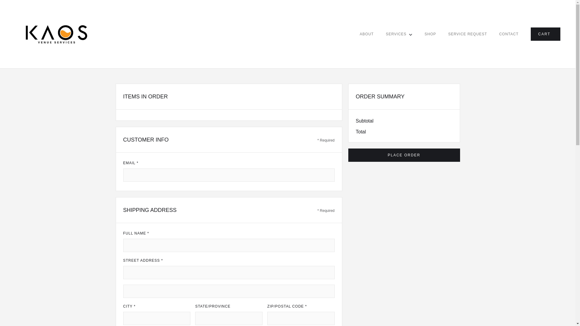 This screenshot has width=580, height=326. Describe the element at coordinates (508, 34) in the screenshot. I see `'CONTACT'` at that location.